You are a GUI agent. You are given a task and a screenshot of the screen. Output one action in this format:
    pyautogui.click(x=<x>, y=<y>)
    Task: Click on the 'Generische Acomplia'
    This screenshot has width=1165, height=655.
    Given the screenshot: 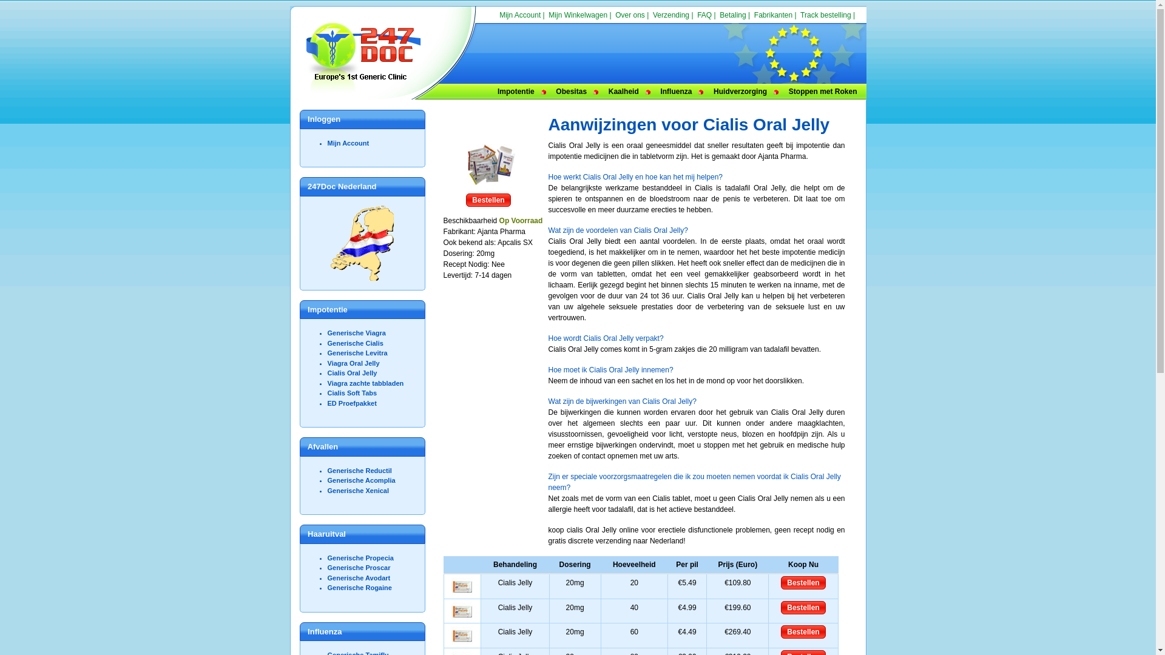 What is the action you would take?
    pyautogui.click(x=360, y=479)
    